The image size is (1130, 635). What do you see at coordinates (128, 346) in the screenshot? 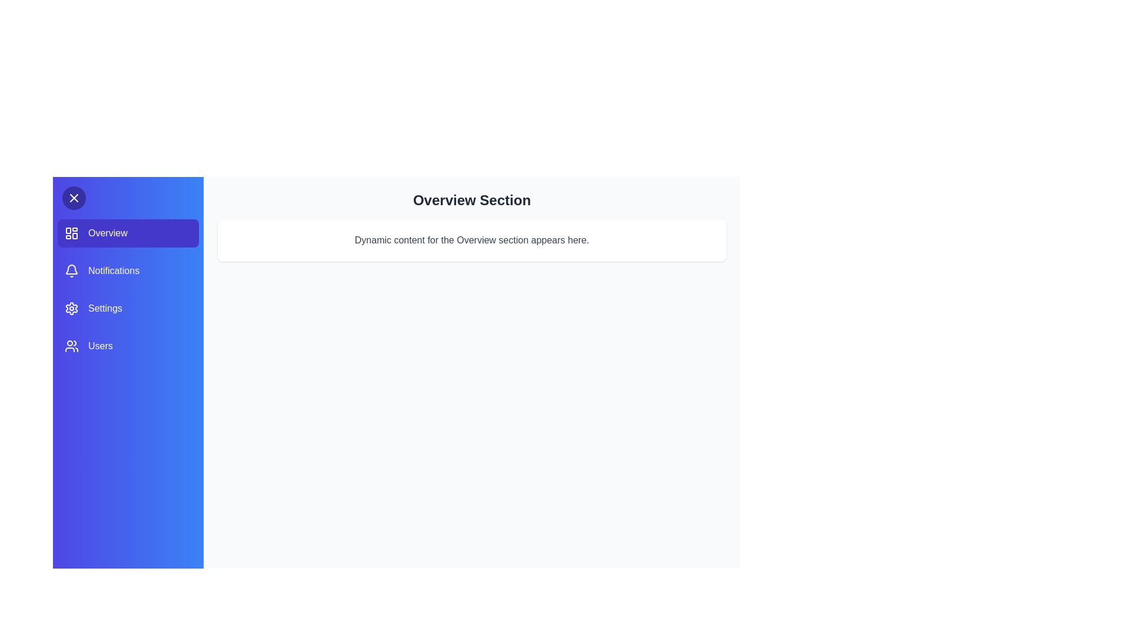
I see `the sidebar section Users` at bounding box center [128, 346].